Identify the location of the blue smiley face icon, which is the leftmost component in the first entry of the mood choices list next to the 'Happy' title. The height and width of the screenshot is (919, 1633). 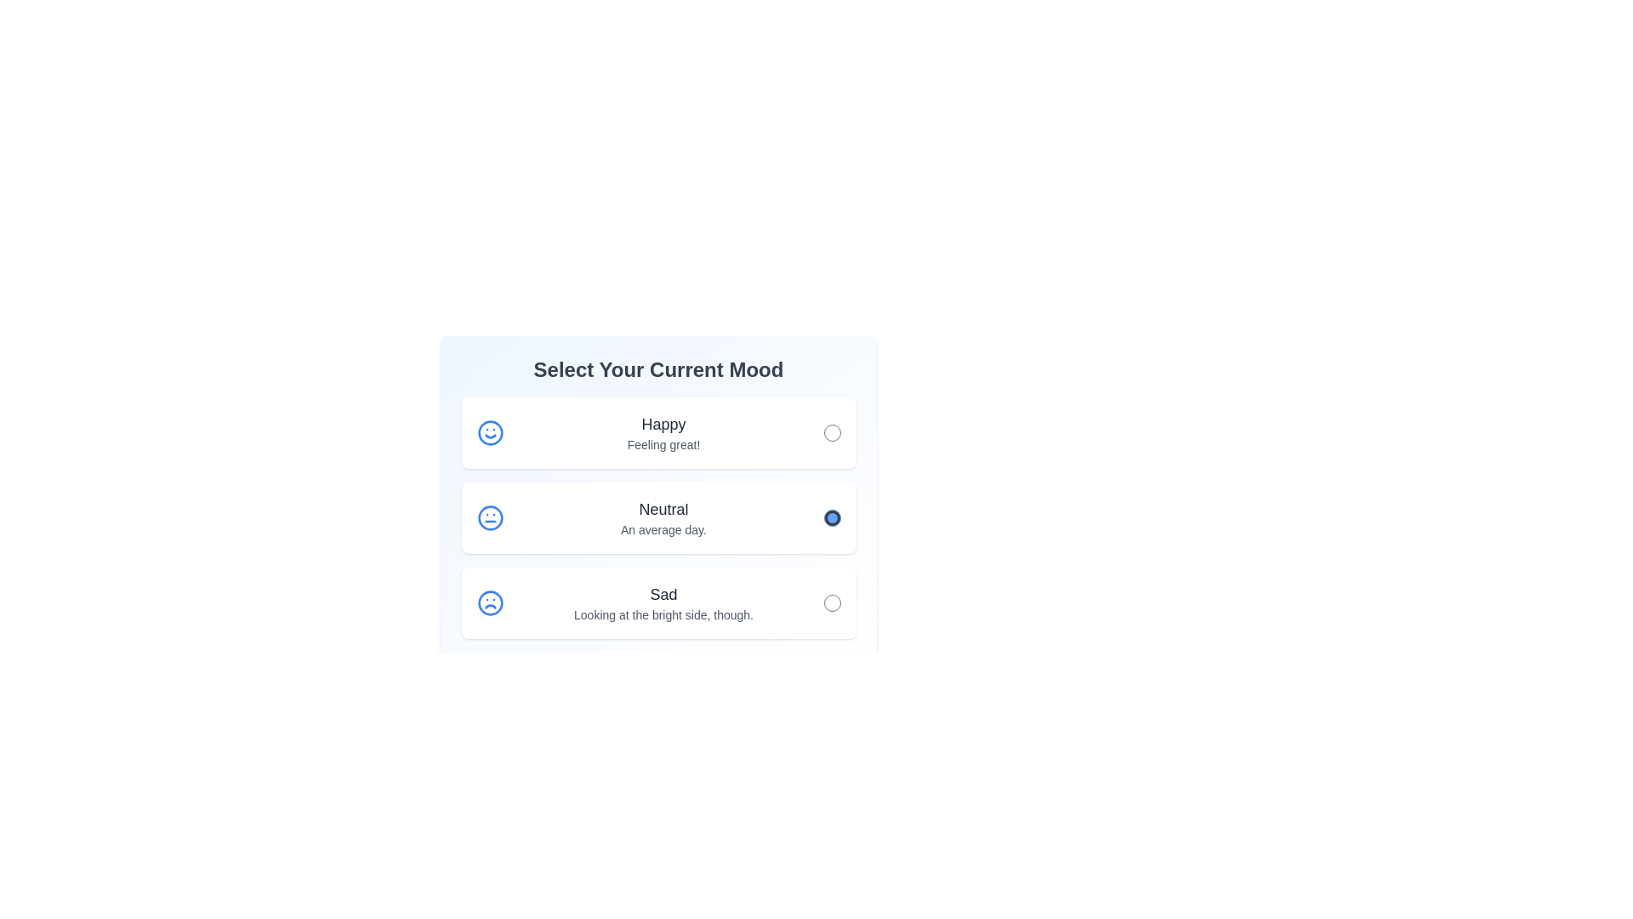
(489, 432).